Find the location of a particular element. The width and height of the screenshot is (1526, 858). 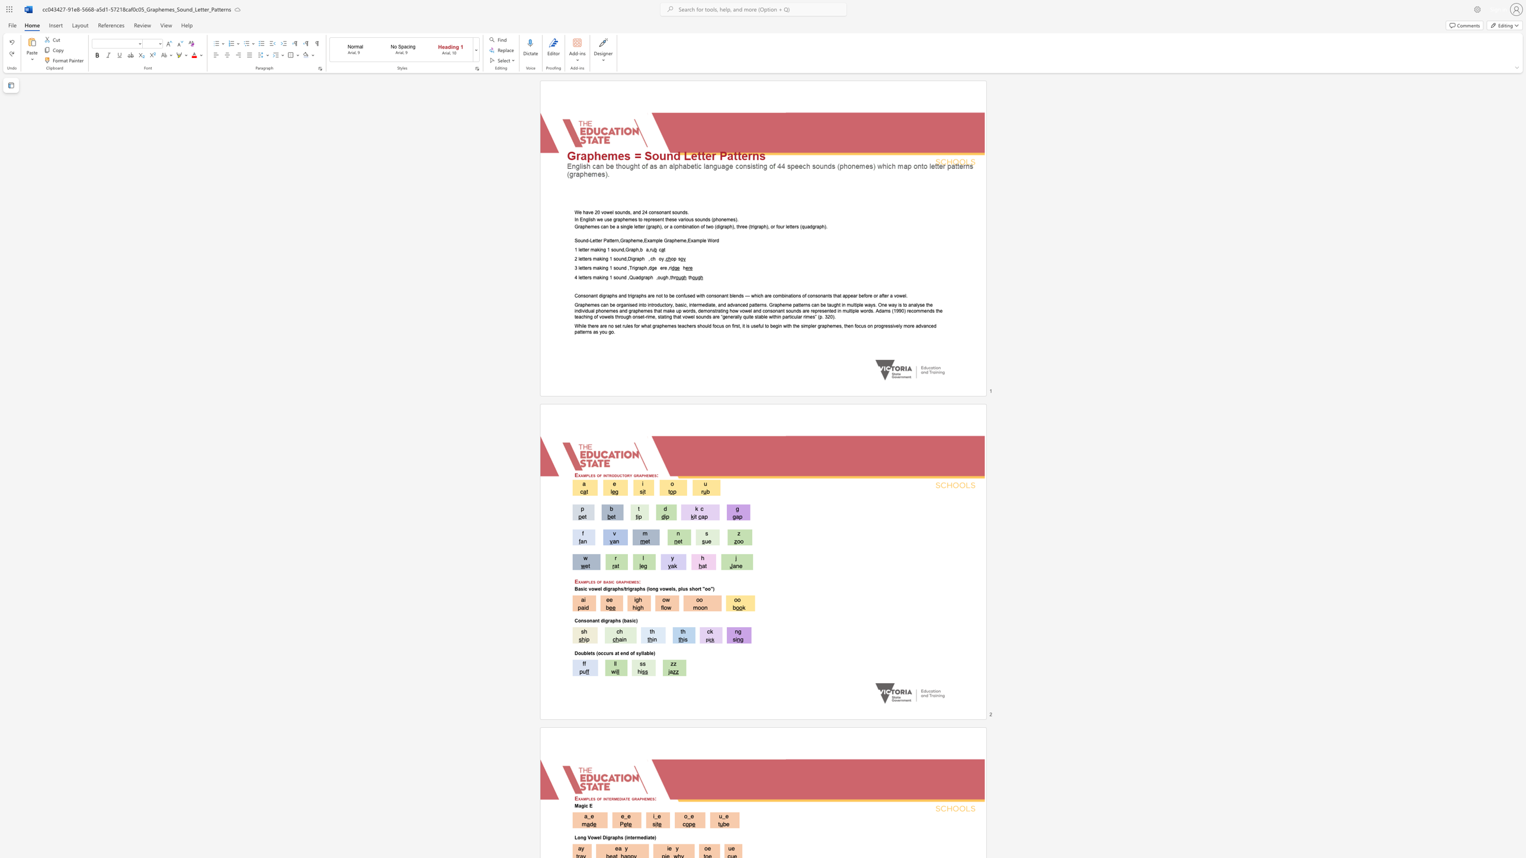

the space between the continuous character "n" and "d" in the text is located at coordinates (623, 268).